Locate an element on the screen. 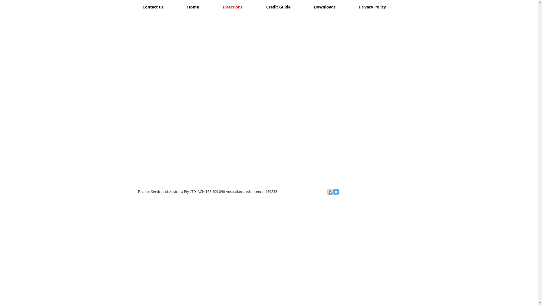  'Downloads' is located at coordinates (325, 7).